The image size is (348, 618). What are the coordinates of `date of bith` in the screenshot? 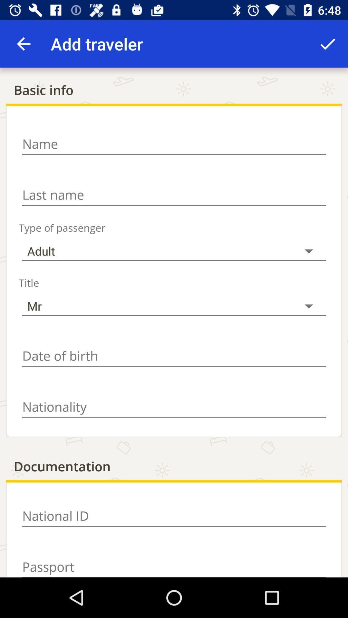 It's located at (174, 356).